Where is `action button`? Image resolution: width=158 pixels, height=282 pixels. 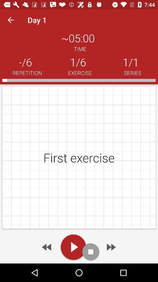 action button is located at coordinates (91, 251).